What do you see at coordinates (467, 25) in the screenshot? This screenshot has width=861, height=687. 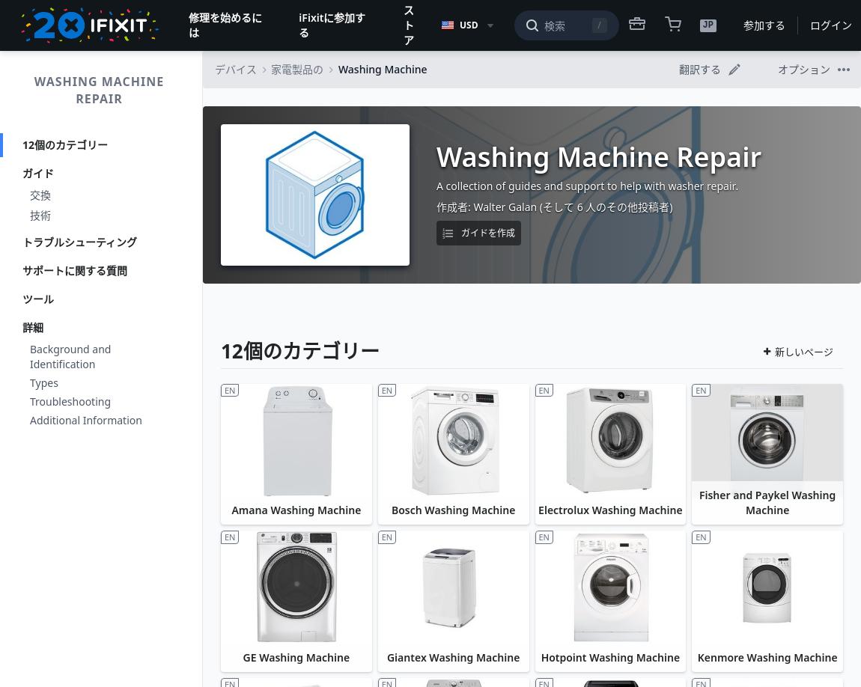 I see `'USD'` at bounding box center [467, 25].